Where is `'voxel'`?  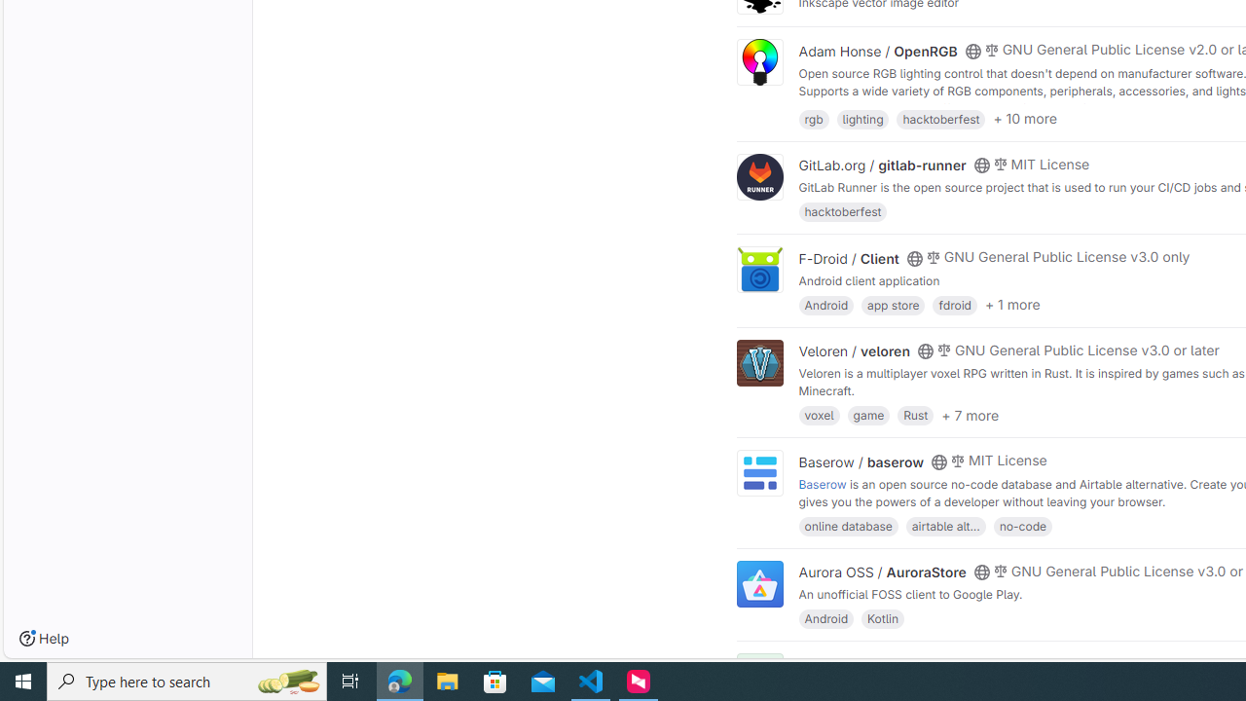 'voxel' is located at coordinates (819, 414).